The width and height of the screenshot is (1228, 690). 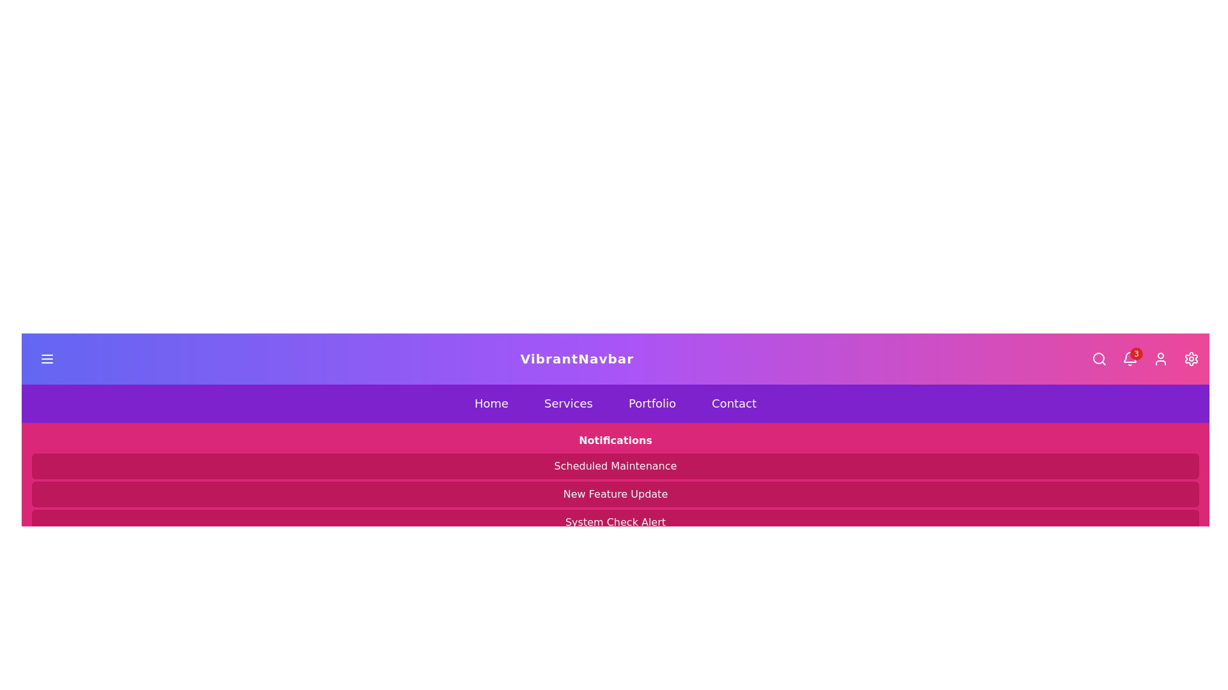 What do you see at coordinates (1098, 358) in the screenshot?
I see `the small circular decorative element that is part of the search icon located in the top-right corner of the interface` at bounding box center [1098, 358].